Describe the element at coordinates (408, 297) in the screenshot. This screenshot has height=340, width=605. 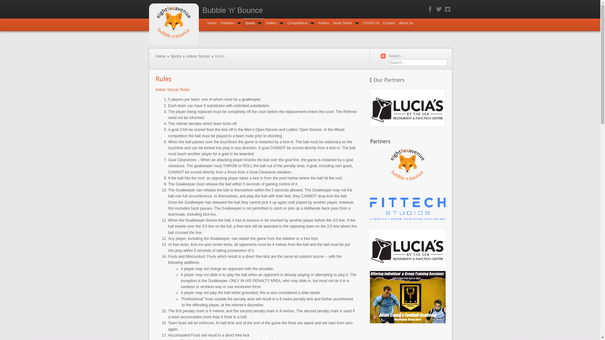
I see `'Developing Rising Stars'` at that location.